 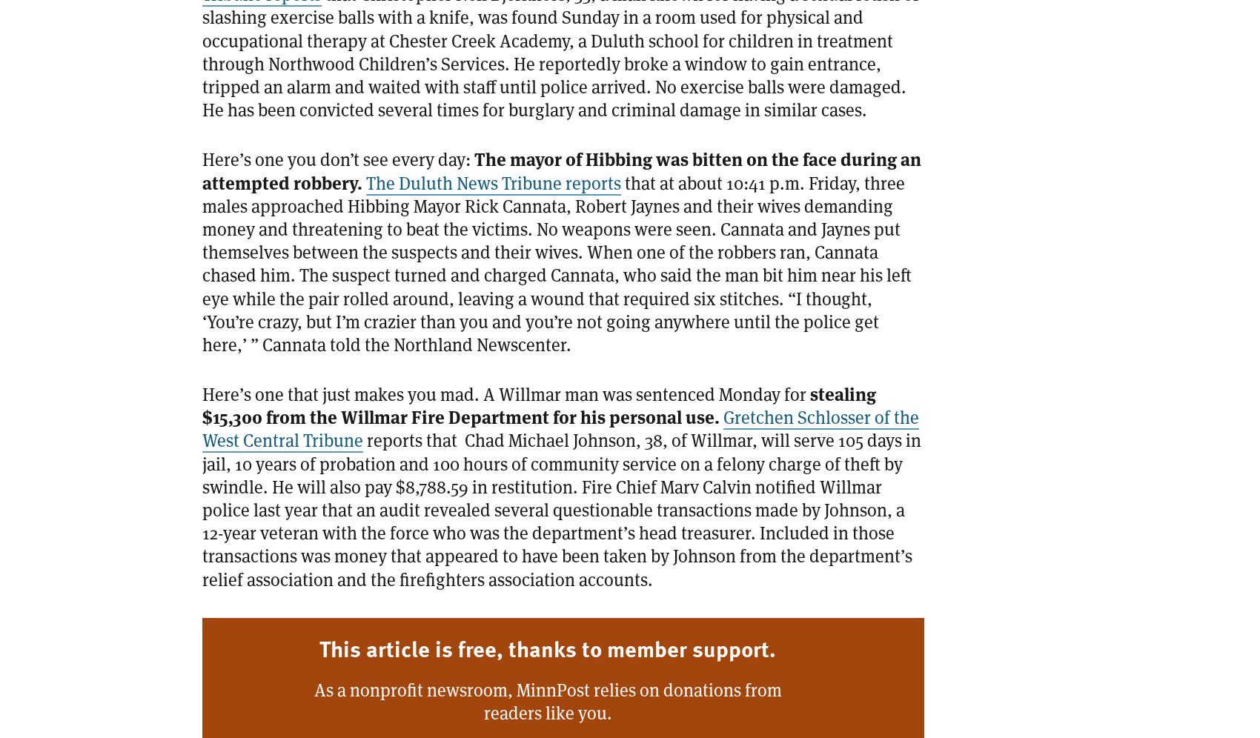 What do you see at coordinates (561, 510) in the screenshot?
I see `'reports that  Chad Michael Johnson, 38, of Willmar, will serve 105 days in jail, 10 years of probation and 100 hours of community service on a felony charge of theft by swindle. He will also pay $8,788.59 in restitution. Fire Chief Marv Calvin notified Willmar police last year that an audit revealed several questionable transactions made by Johnson, a 12-year veteran with the force who was the department’s head treasurer. Included in those transactions was money that appeared to have been taken by Johnson from the department’s relief association and the firefighters association accounts.'` at bounding box center [561, 510].